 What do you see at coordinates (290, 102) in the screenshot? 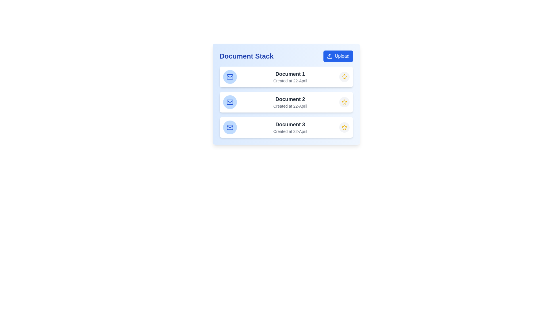
I see `the text label displaying 'Document 2'` at bounding box center [290, 102].